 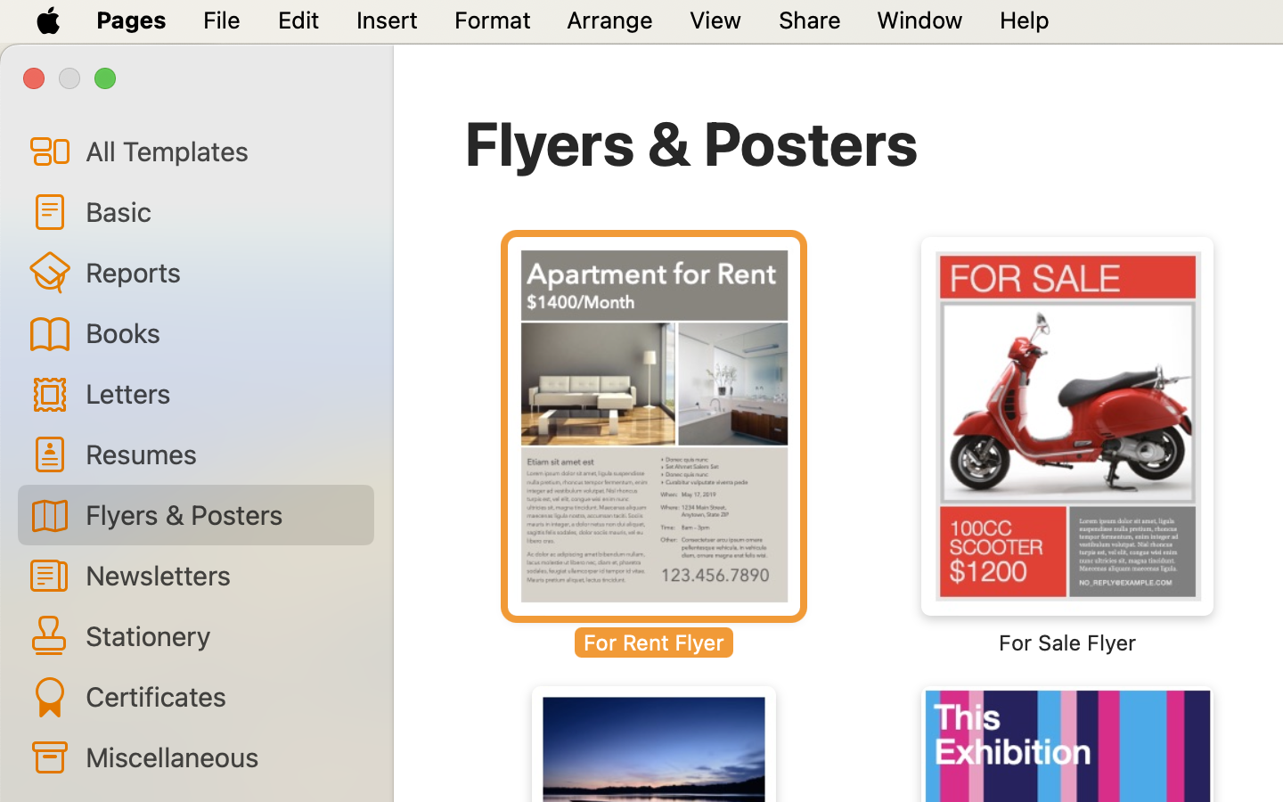 I want to click on 'Miscellaneous', so click(x=221, y=756).